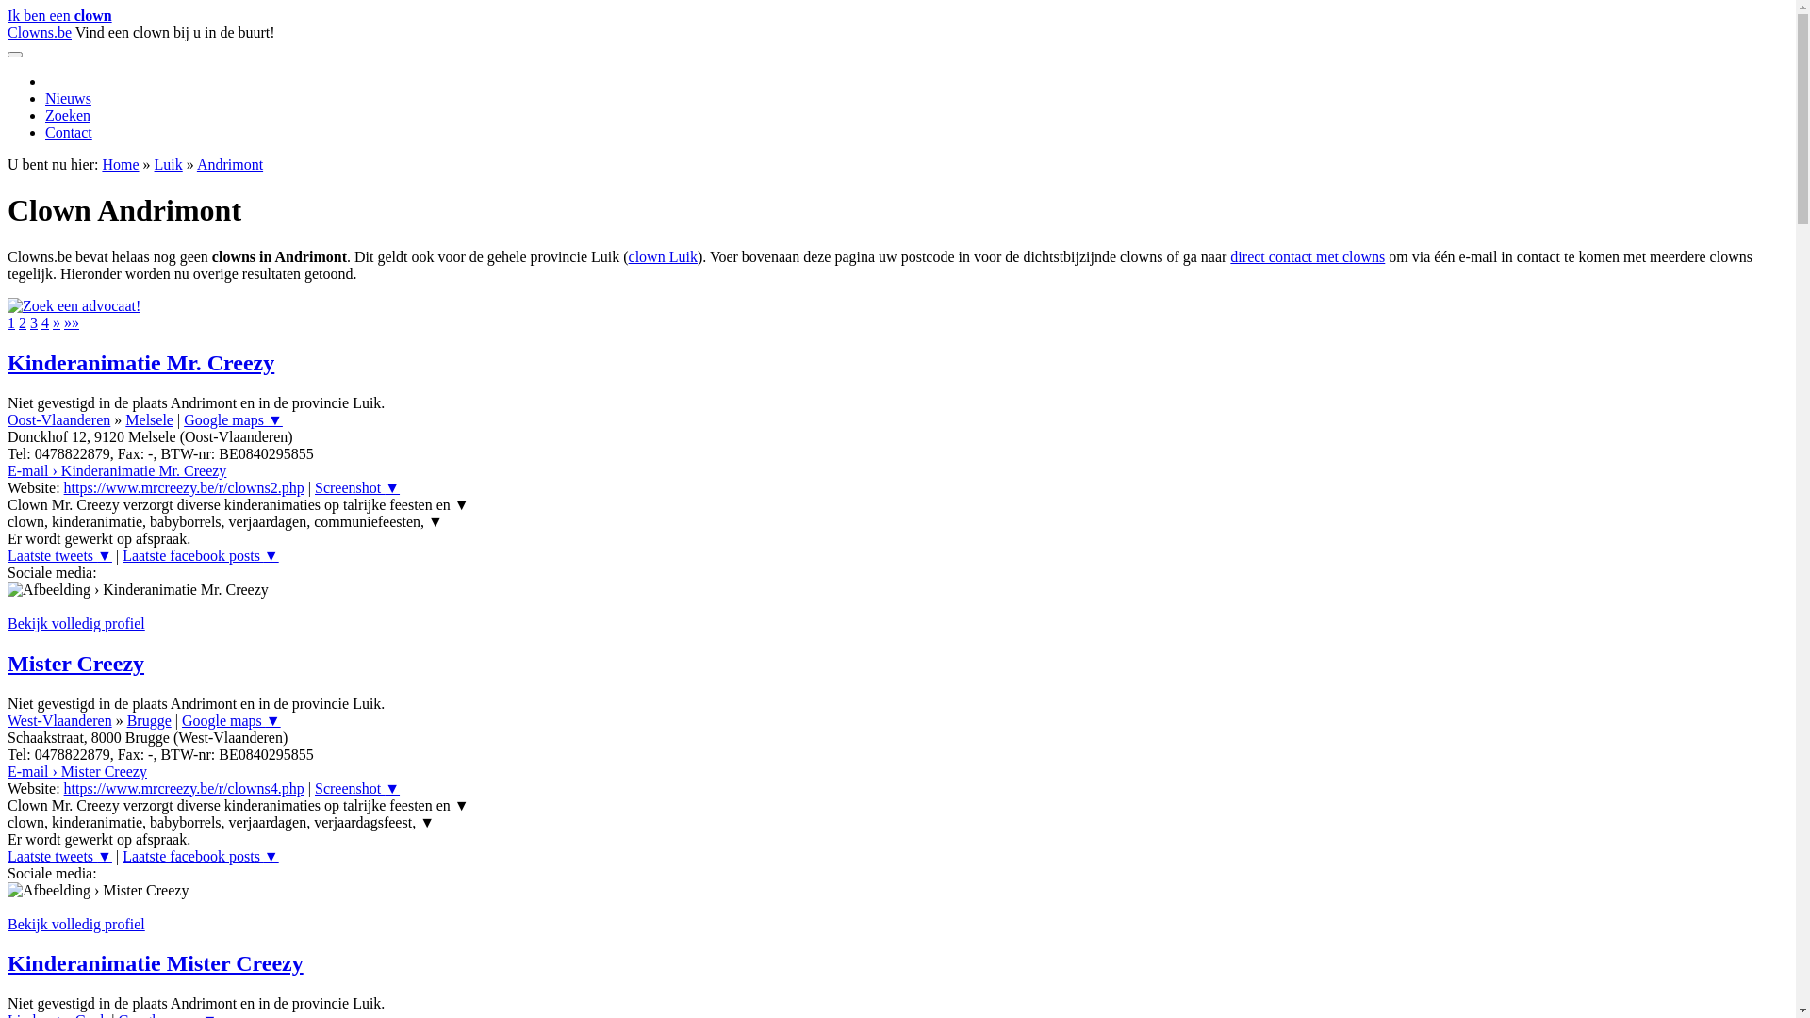 The height and width of the screenshot is (1018, 1810). Describe the element at coordinates (59, 720) in the screenshot. I see `'West-Vlaanderen'` at that location.